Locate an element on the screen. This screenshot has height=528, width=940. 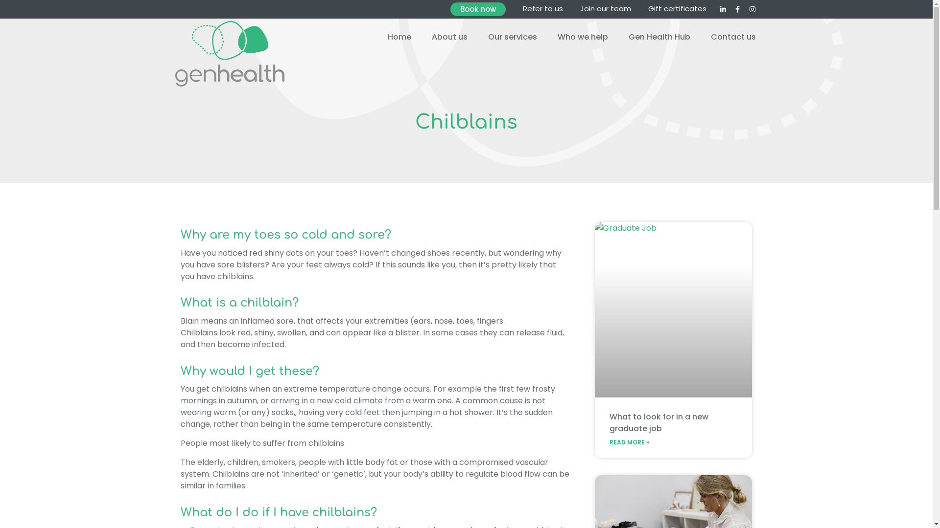
'Book now' is located at coordinates (450, 9).